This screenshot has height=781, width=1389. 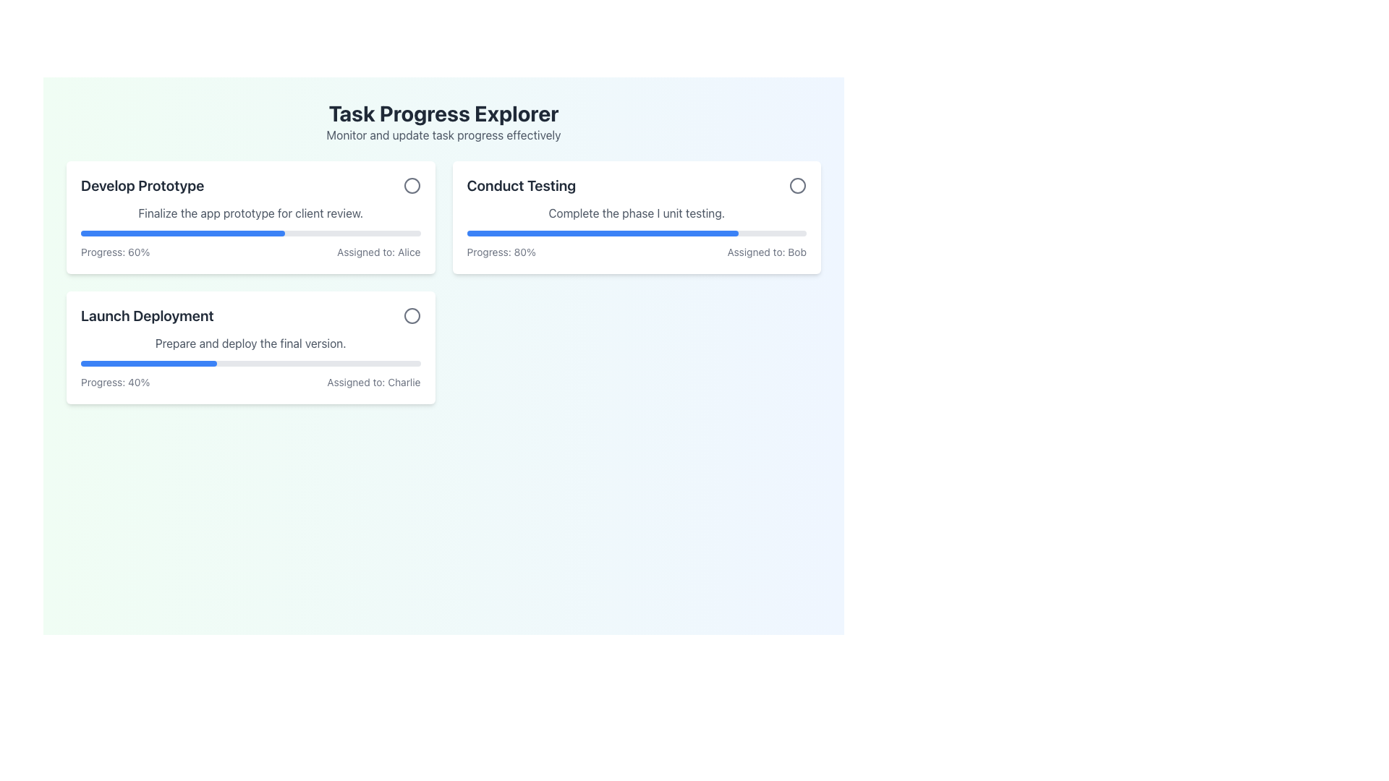 I want to click on the text label that describes the task 'Launch Deployment' located below the task title and above the progress bar, so click(x=250, y=343).